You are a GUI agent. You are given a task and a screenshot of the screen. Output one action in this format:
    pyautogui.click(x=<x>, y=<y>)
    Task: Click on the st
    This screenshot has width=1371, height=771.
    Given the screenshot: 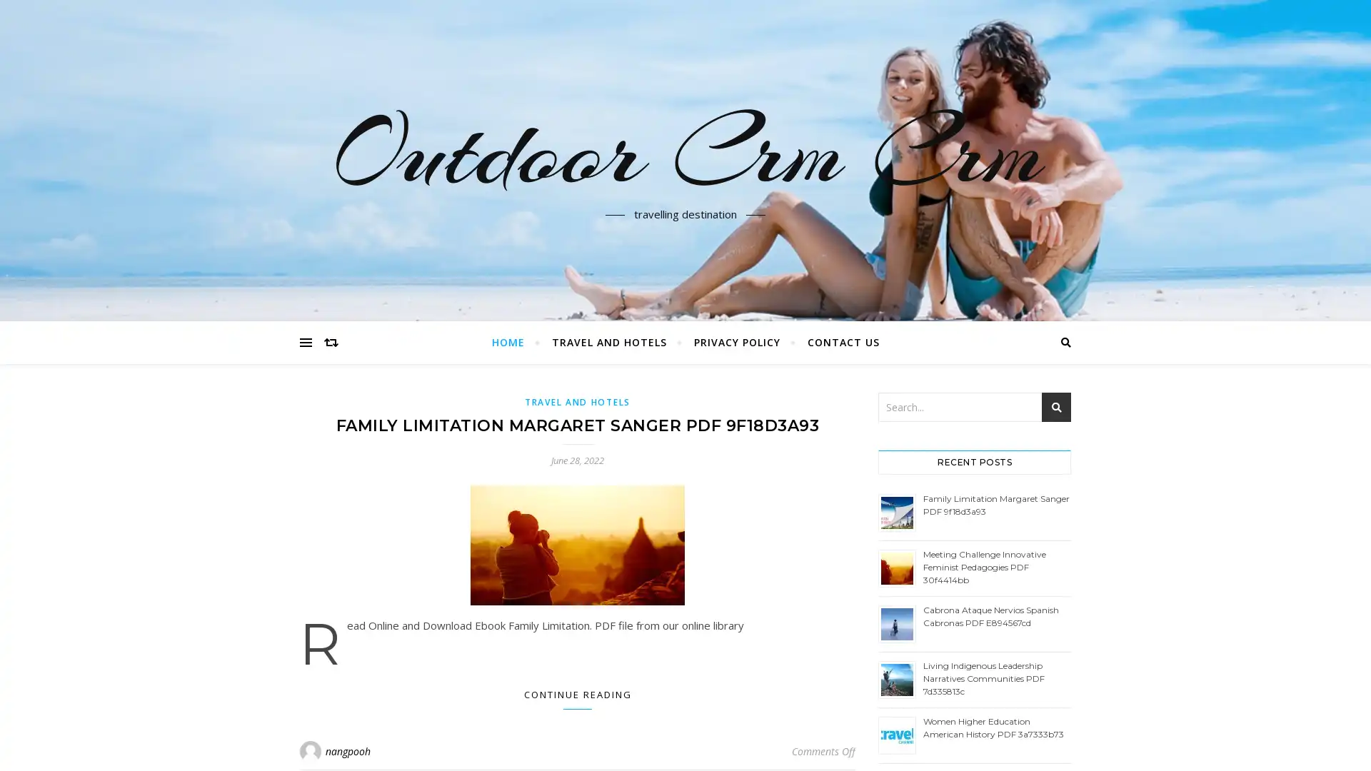 What is the action you would take?
    pyautogui.click(x=1056, y=407)
    